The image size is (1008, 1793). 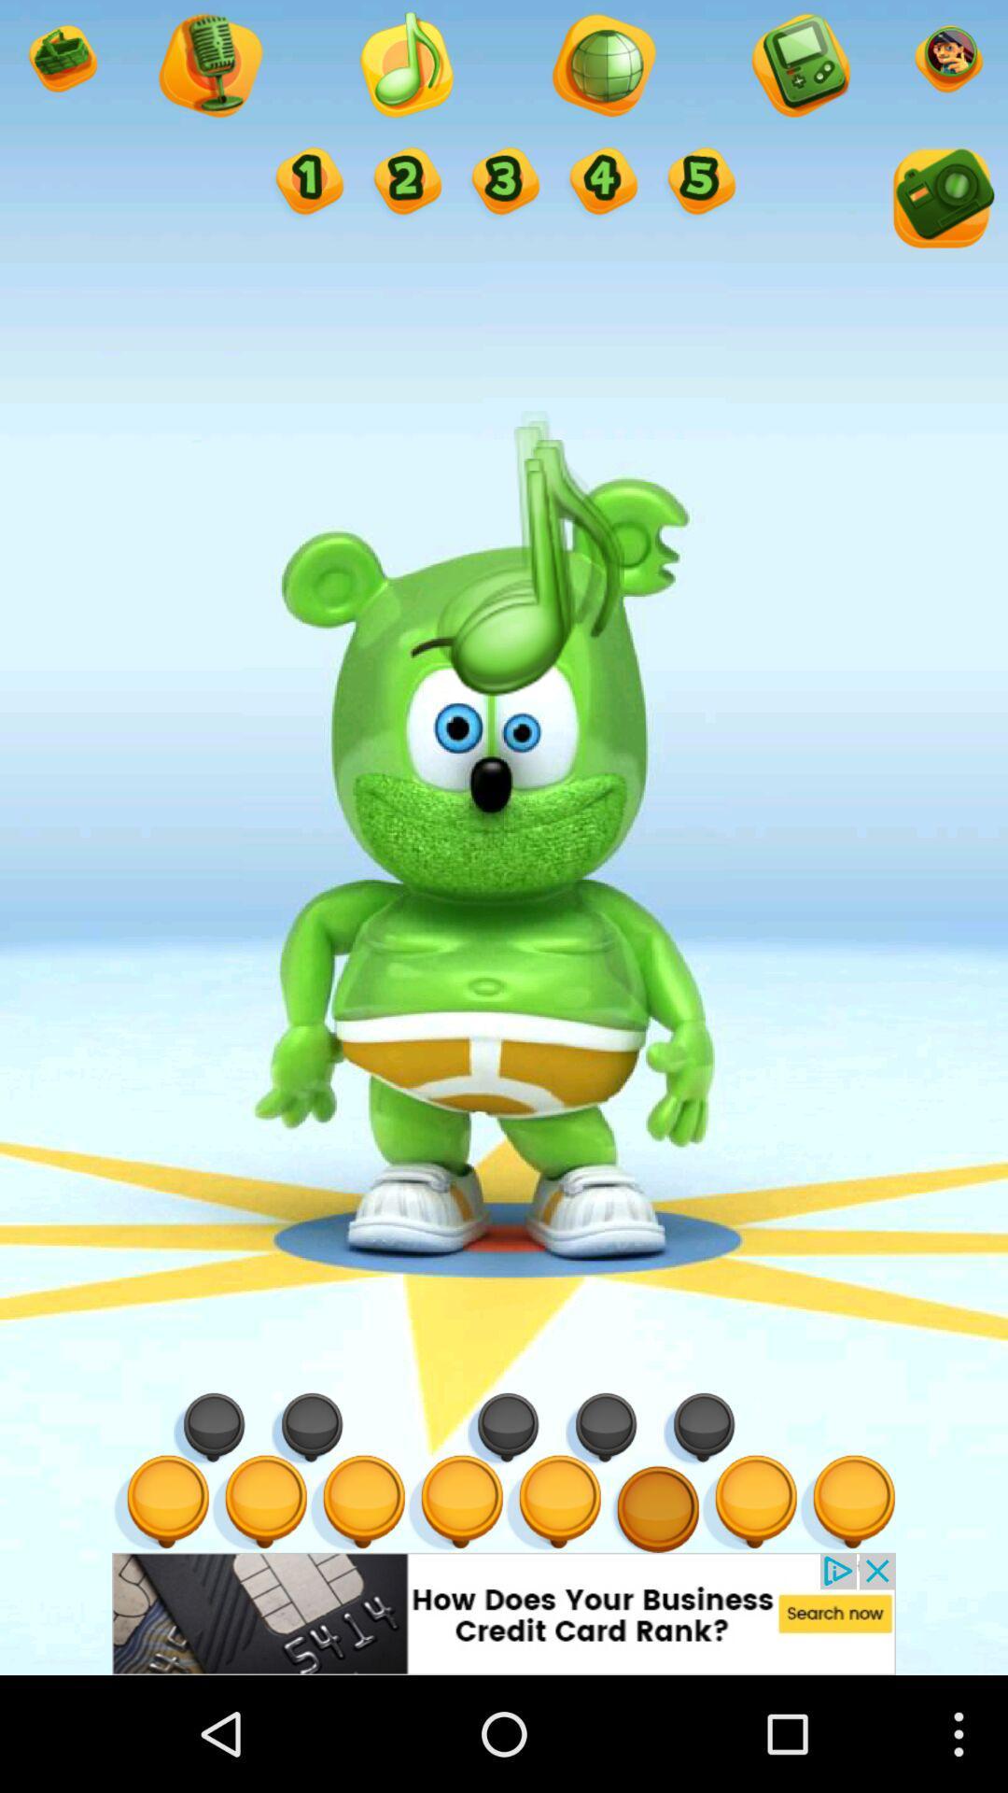 What do you see at coordinates (940, 202) in the screenshot?
I see `take photo` at bounding box center [940, 202].